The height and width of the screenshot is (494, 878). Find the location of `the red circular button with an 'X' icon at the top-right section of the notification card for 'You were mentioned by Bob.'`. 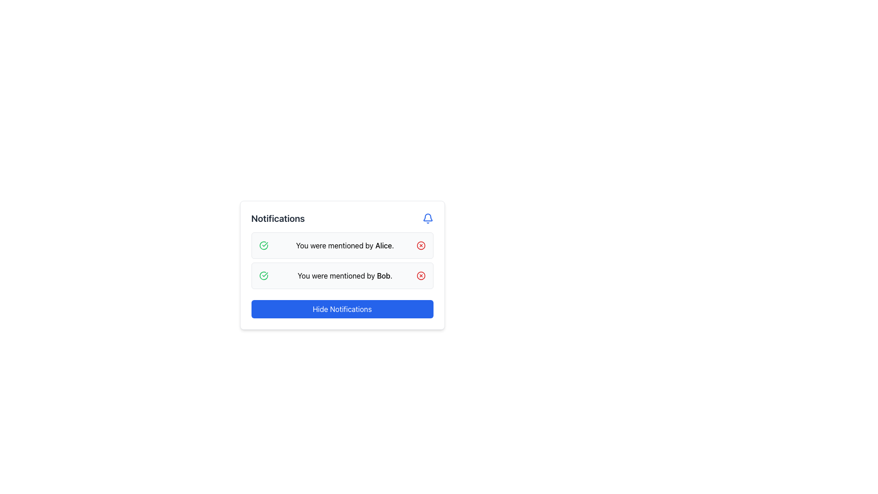

the red circular button with an 'X' icon at the top-right section of the notification card for 'You were mentioned by Bob.' is located at coordinates (420, 275).